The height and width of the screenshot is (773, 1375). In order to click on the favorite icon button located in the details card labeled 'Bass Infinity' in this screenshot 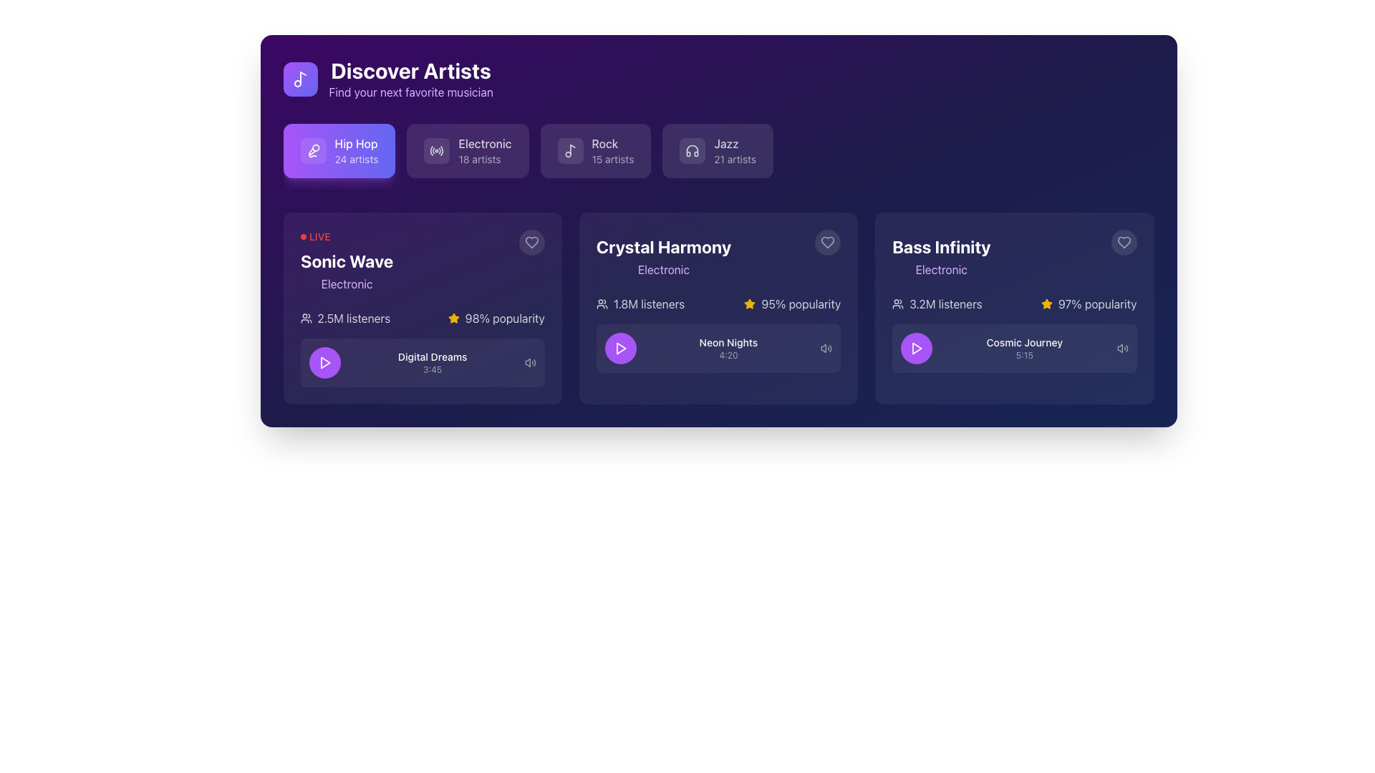, I will do `click(1123, 242)`.